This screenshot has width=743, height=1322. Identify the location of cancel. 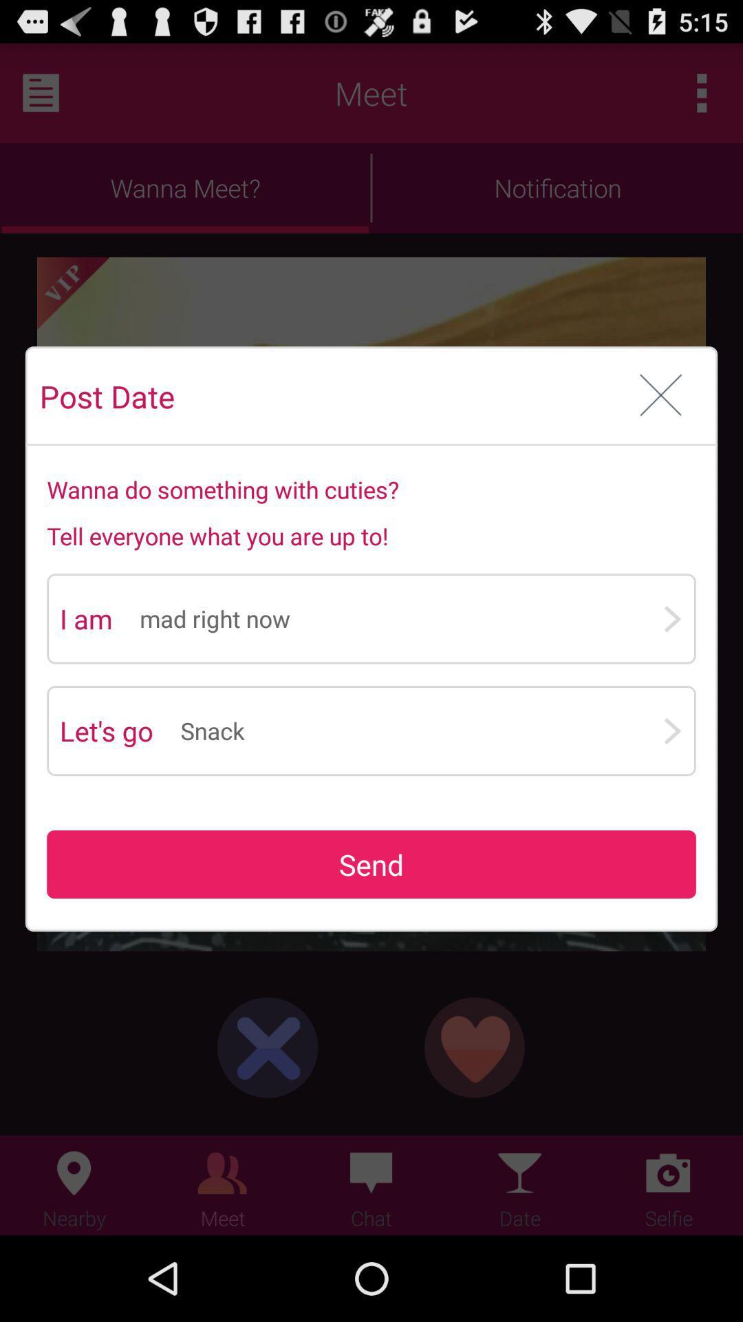
(660, 395).